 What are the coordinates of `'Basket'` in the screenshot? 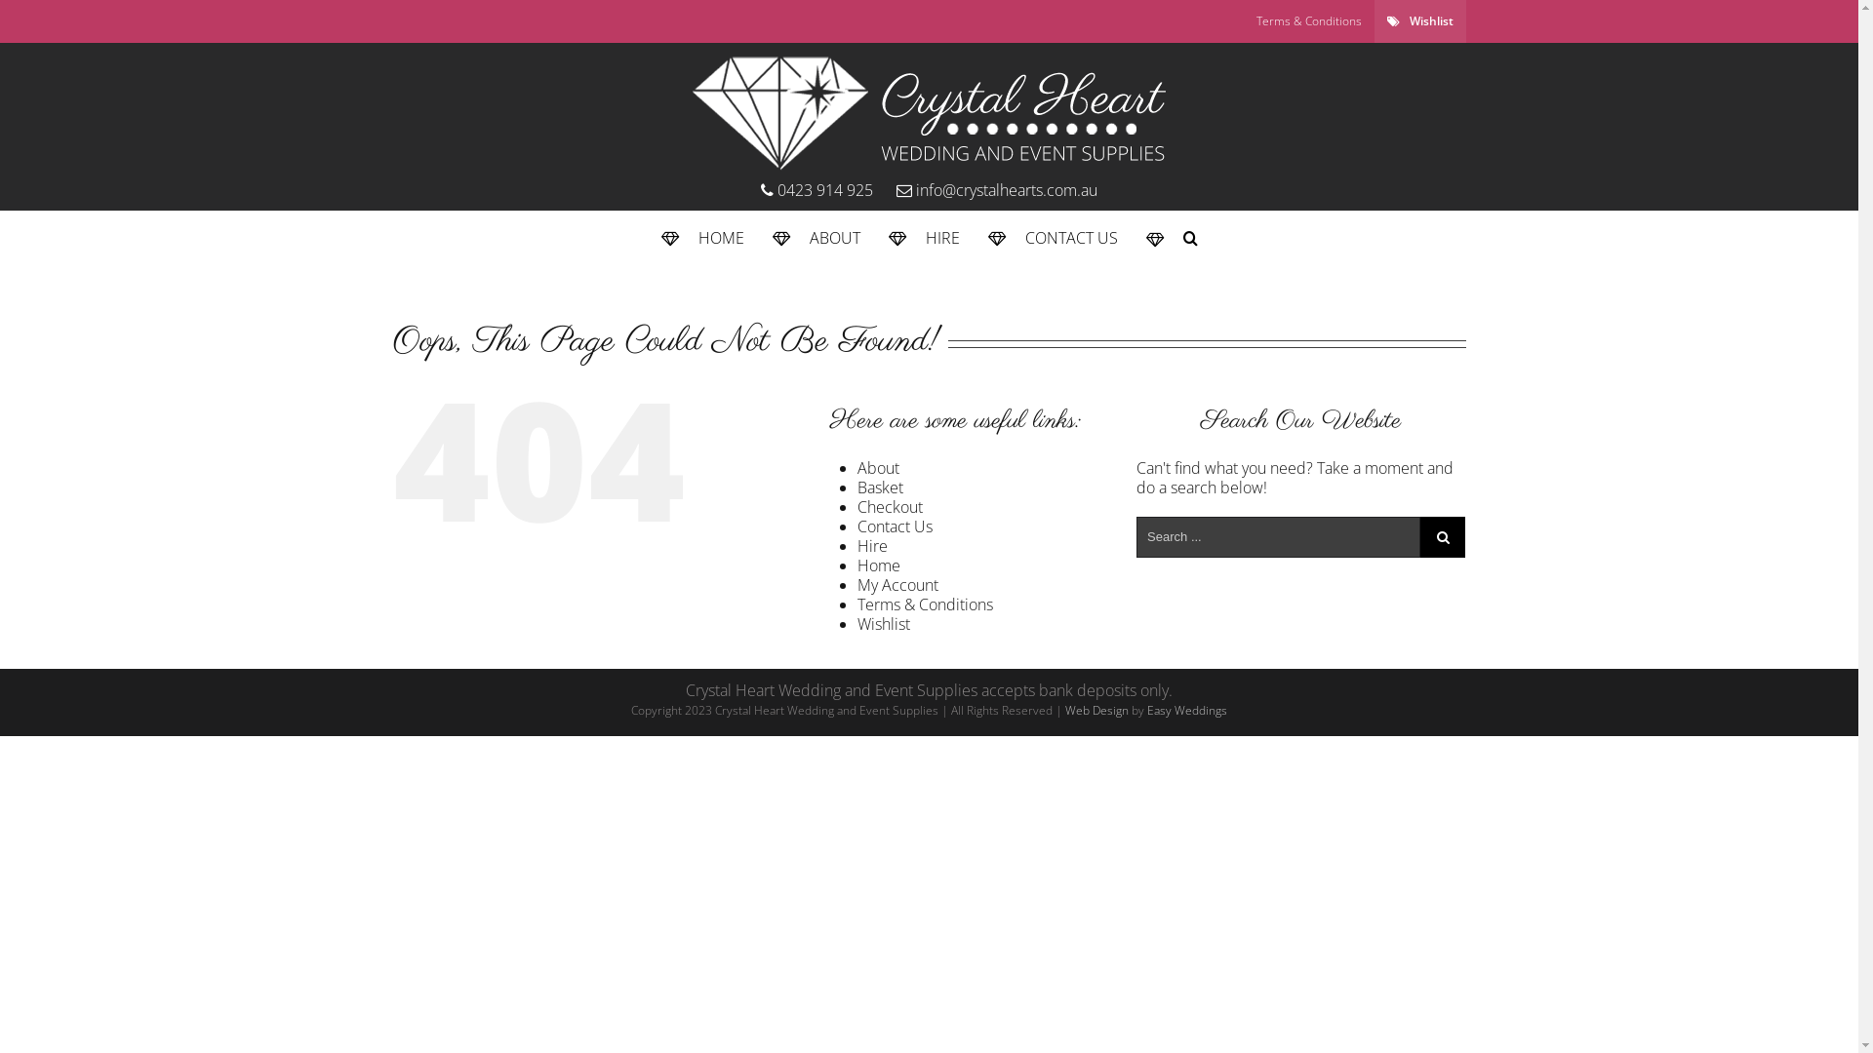 It's located at (879, 487).